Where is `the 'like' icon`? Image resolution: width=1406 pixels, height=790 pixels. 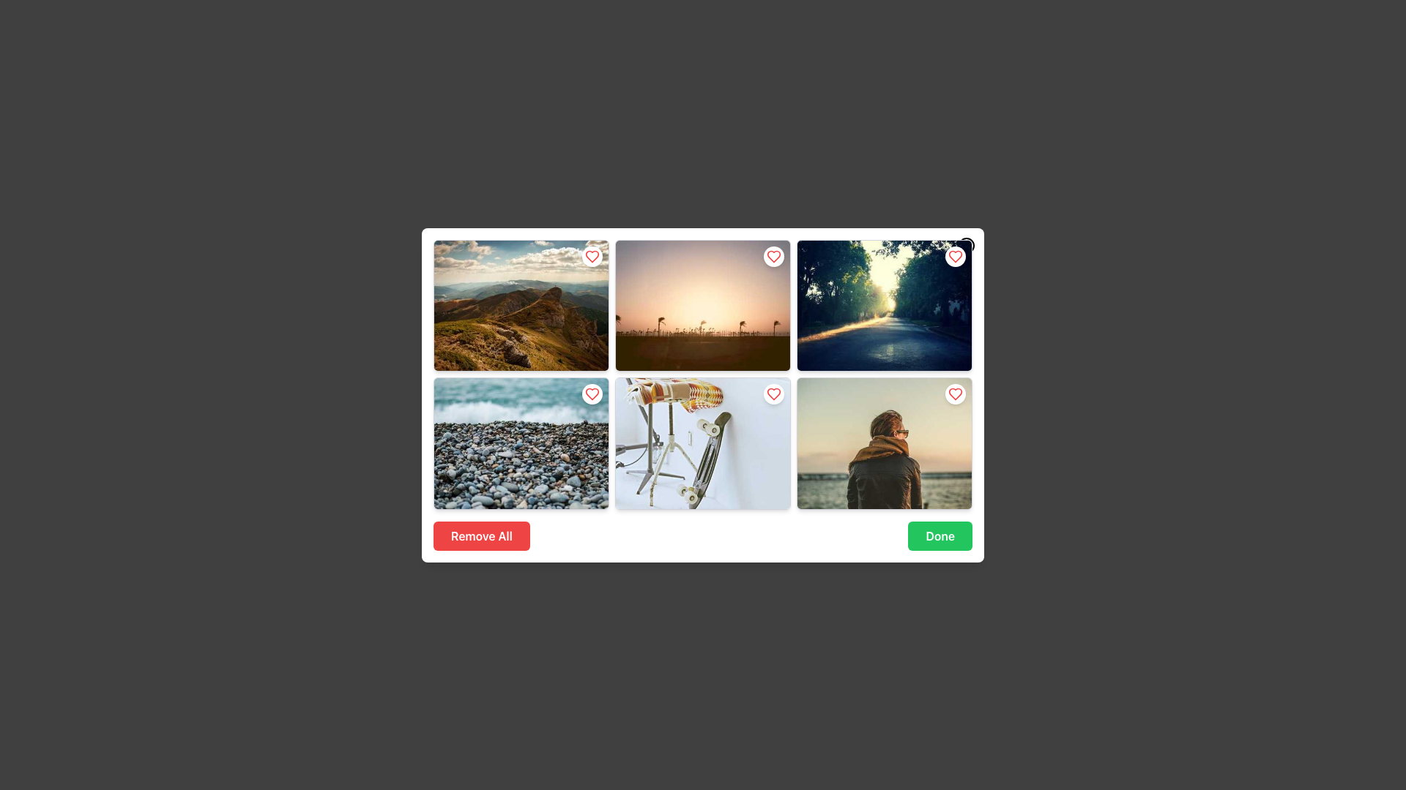 the 'like' icon is located at coordinates (956, 394).